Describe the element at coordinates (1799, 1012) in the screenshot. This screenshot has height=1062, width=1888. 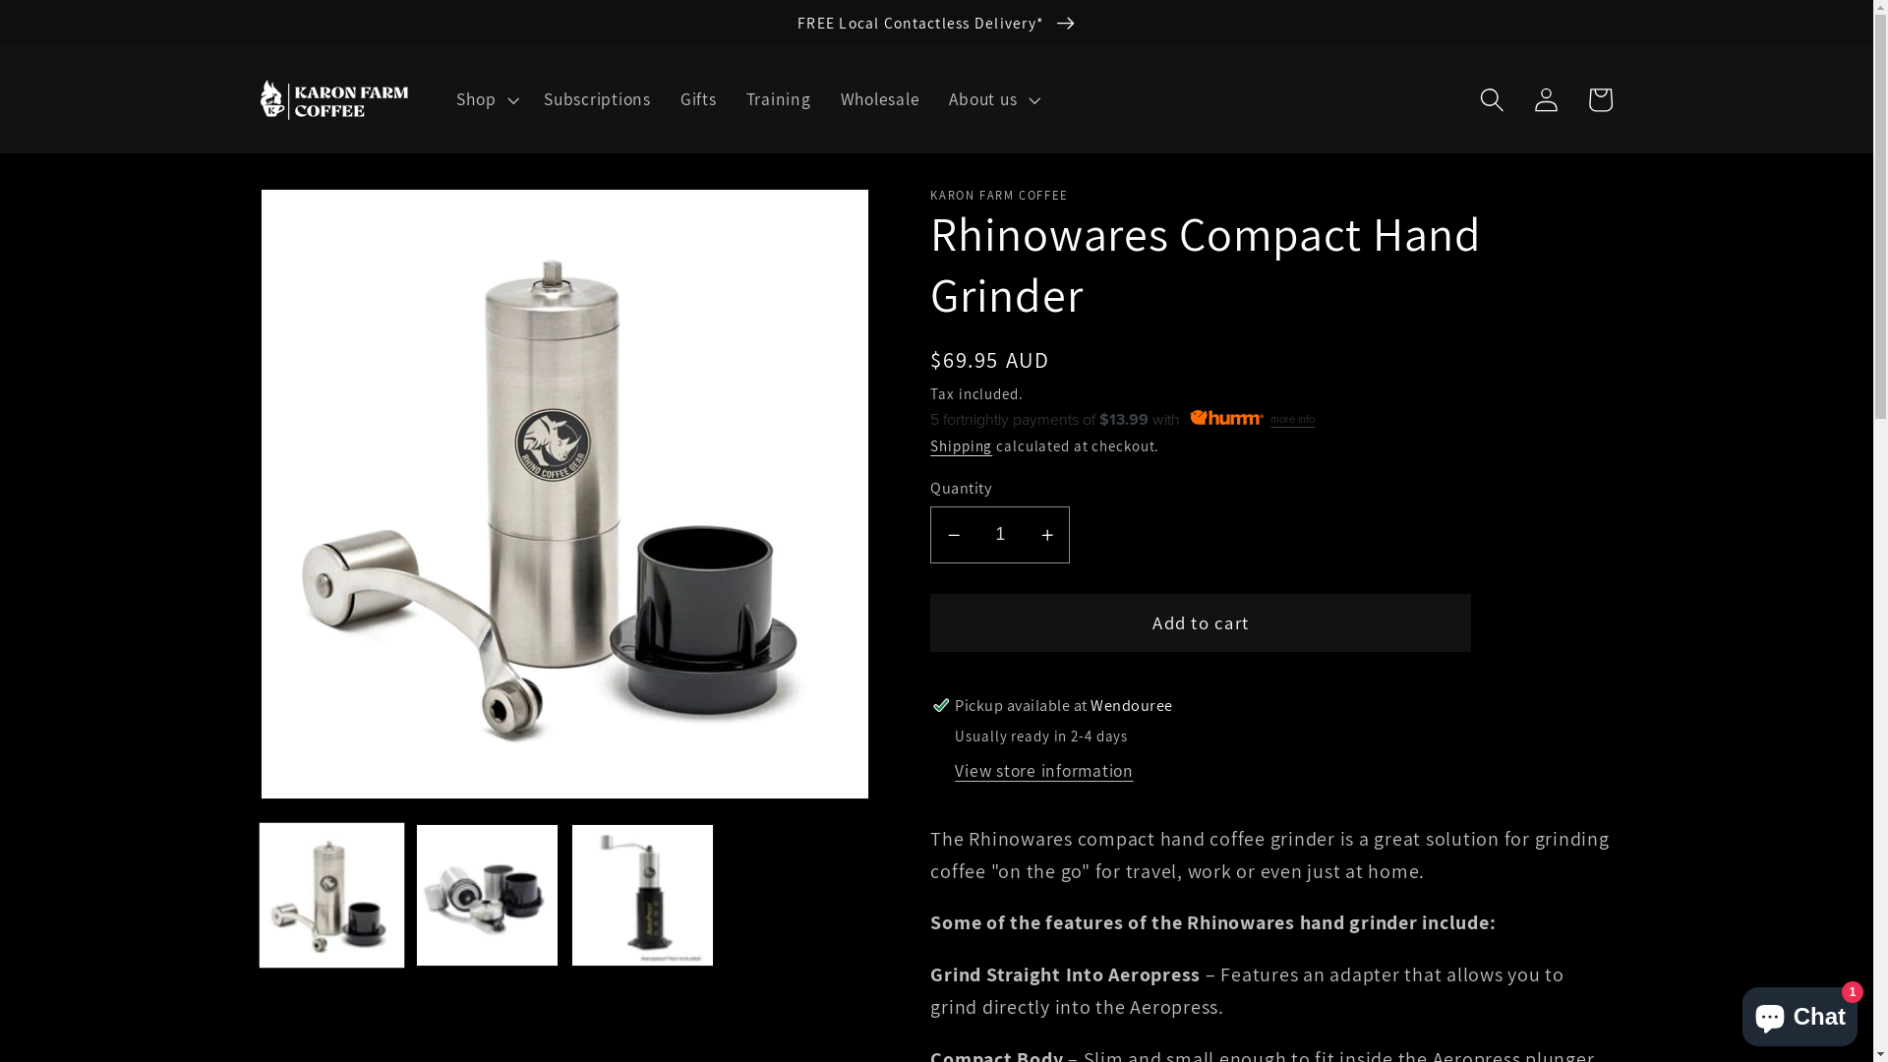
I see `'Shopify online store chat'` at that location.